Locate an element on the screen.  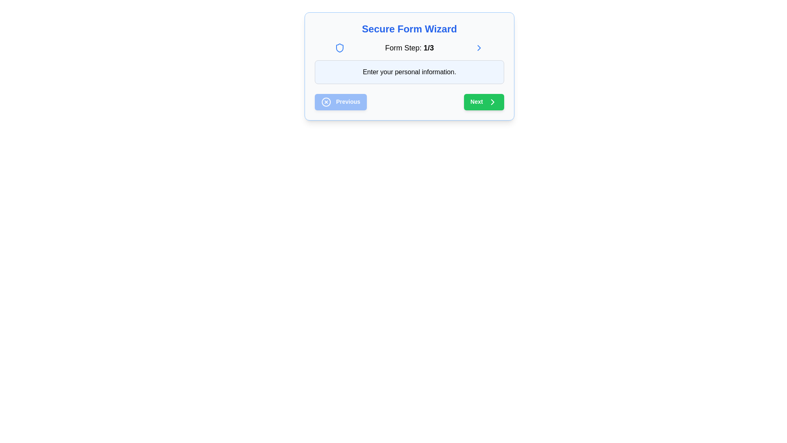
the shield-shaped icon representing security, located in the header of the form wizard, to associate this element as a symbol is located at coordinates (340, 48).